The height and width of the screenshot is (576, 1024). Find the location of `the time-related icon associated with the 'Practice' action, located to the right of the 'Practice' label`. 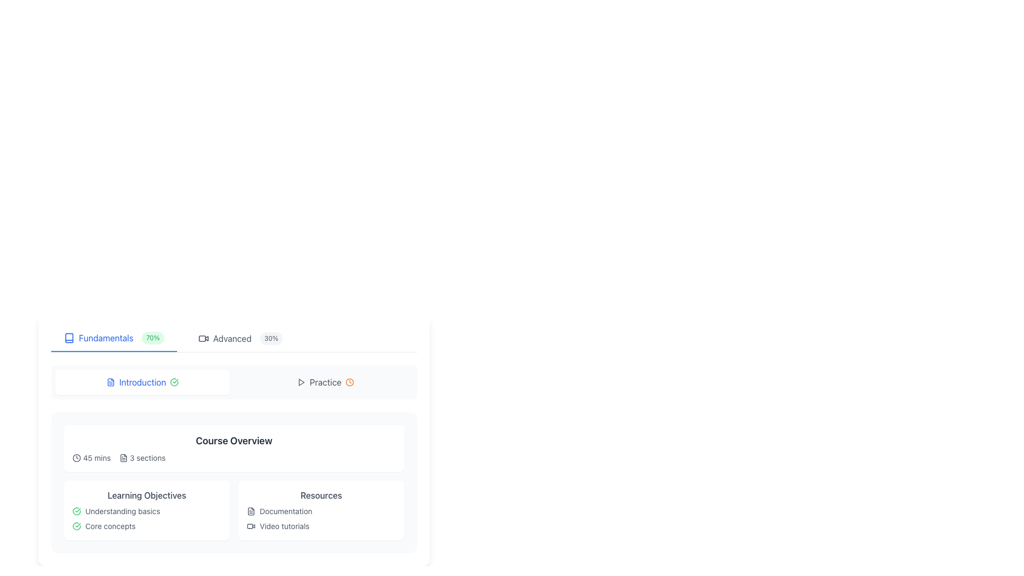

the time-related icon associated with the 'Practice' action, located to the right of the 'Practice' label is located at coordinates (350, 382).